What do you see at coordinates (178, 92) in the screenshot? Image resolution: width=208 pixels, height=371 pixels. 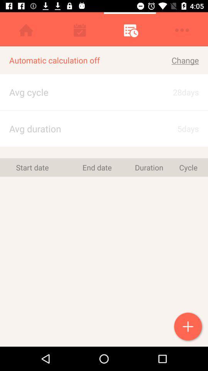 I see `icon to the right of the automatic calculation off icon` at bounding box center [178, 92].